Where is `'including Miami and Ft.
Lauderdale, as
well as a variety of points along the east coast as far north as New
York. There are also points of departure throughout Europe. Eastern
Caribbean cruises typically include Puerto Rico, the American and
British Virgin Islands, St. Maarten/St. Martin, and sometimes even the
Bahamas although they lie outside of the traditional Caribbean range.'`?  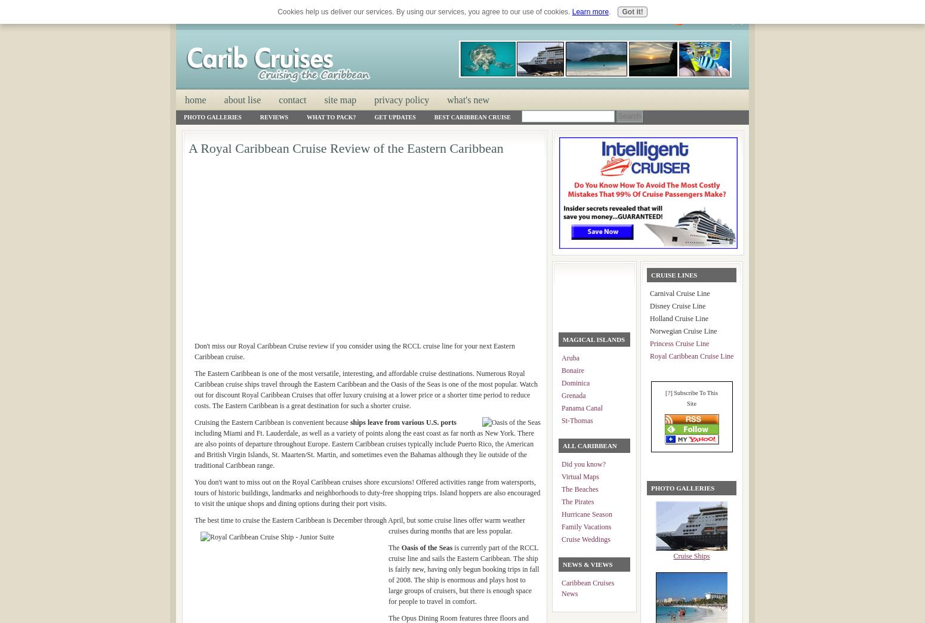 'including Miami and Ft.
Lauderdale, as
well as a variety of points along the east coast as far north as New
York. There are also points of departure throughout Europe. Eastern
Caribbean cruises typically include Puerto Rico, the American and
British Virgin Islands, St. Maarten/St. Martin, and sometimes even the
Bahamas although they lie outside of the traditional Caribbean range.' is located at coordinates (363, 449).